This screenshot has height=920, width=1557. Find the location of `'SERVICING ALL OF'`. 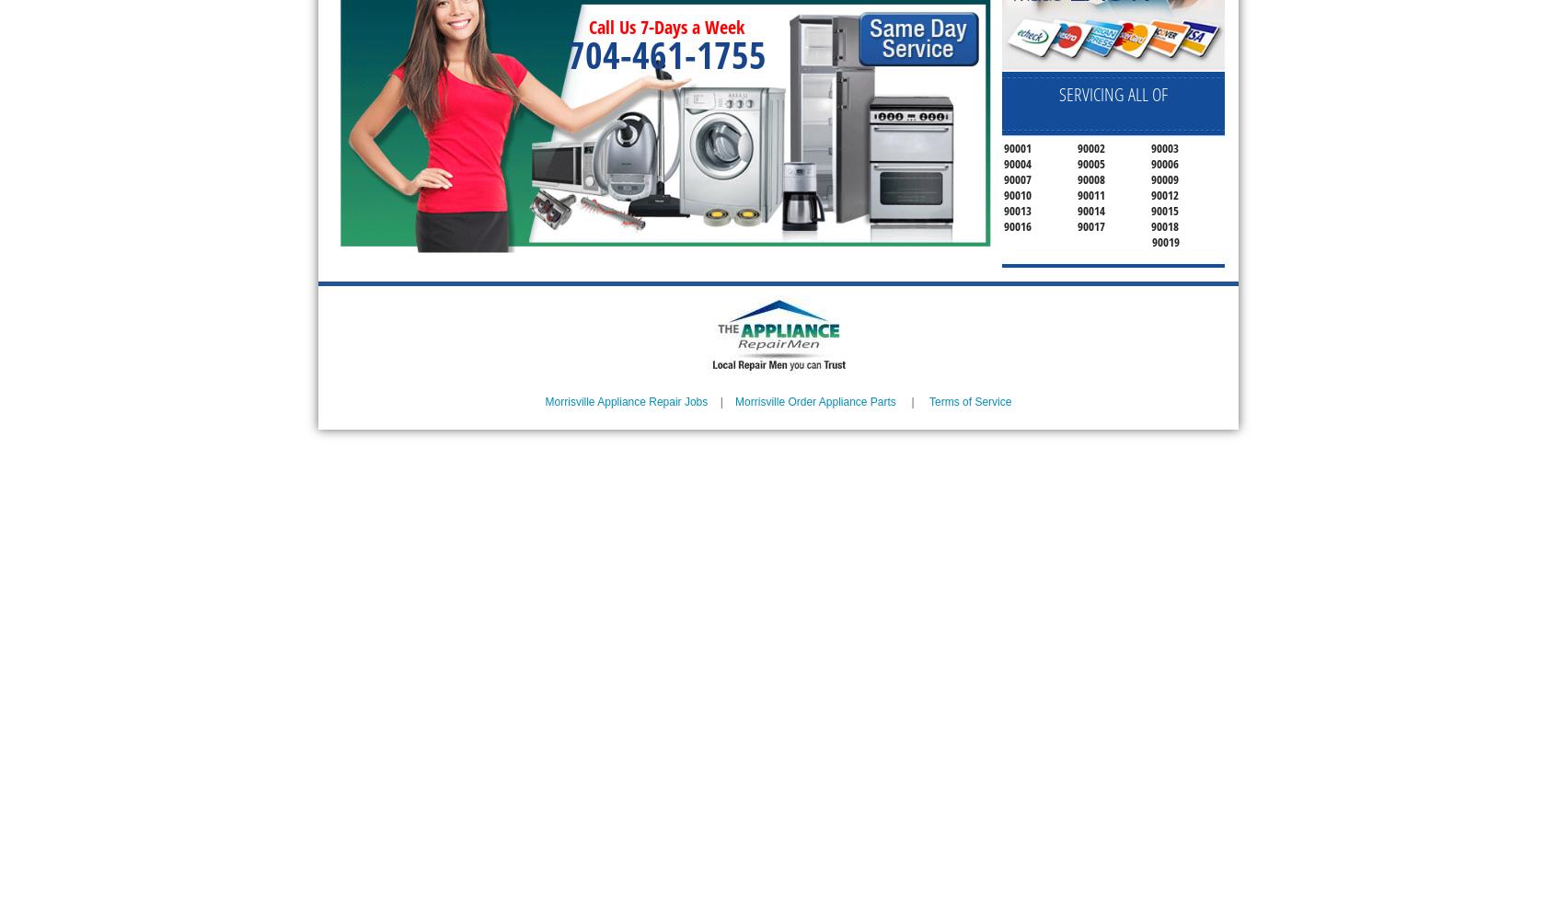

'SERVICING ALL OF' is located at coordinates (1057, 92).